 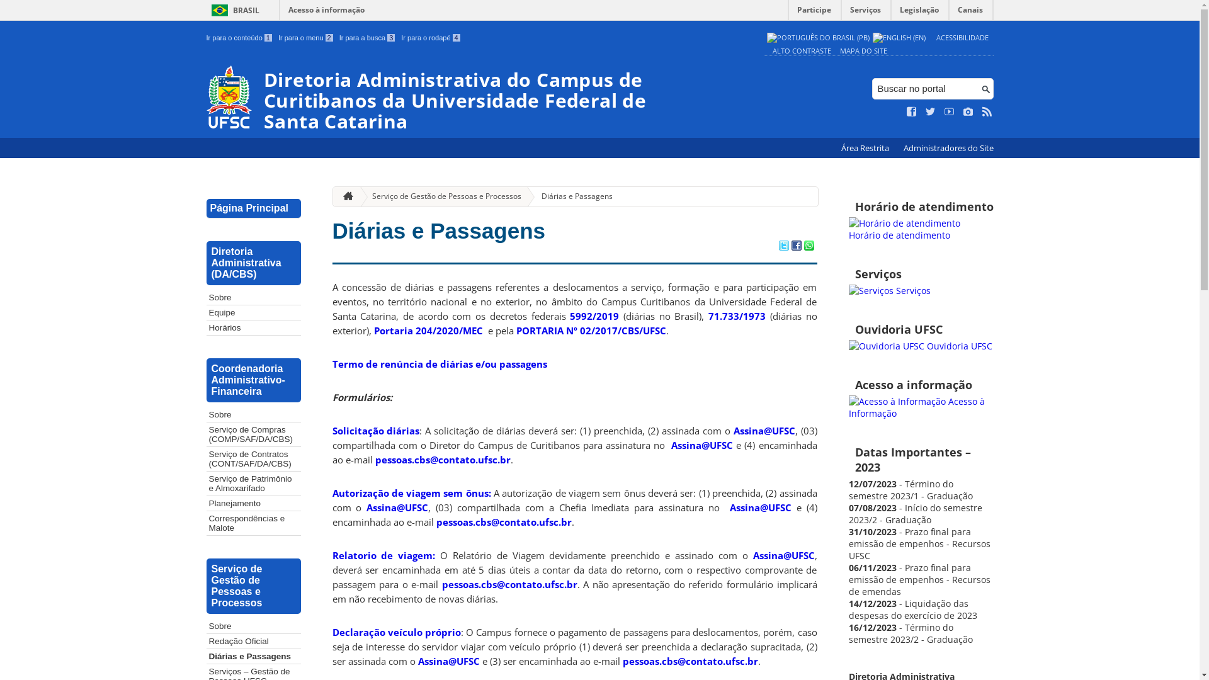 I want to click on 'Compartilhar no Twitter', so click(x=782, y=247).